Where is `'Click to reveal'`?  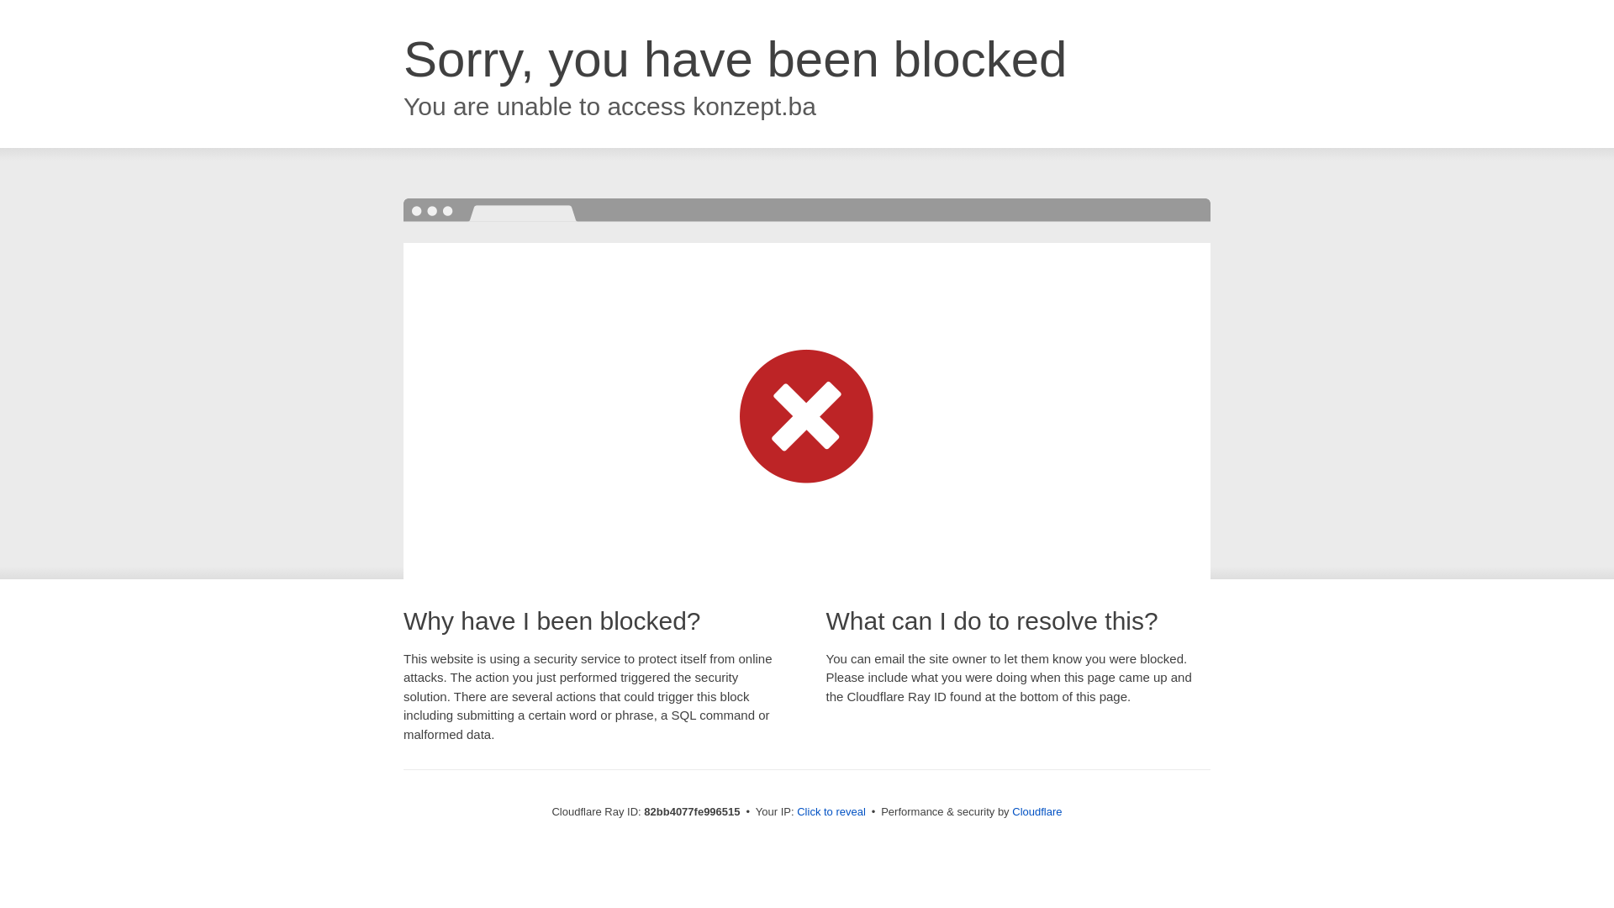
'Click to reveal' is located at coordinates (796, 810).